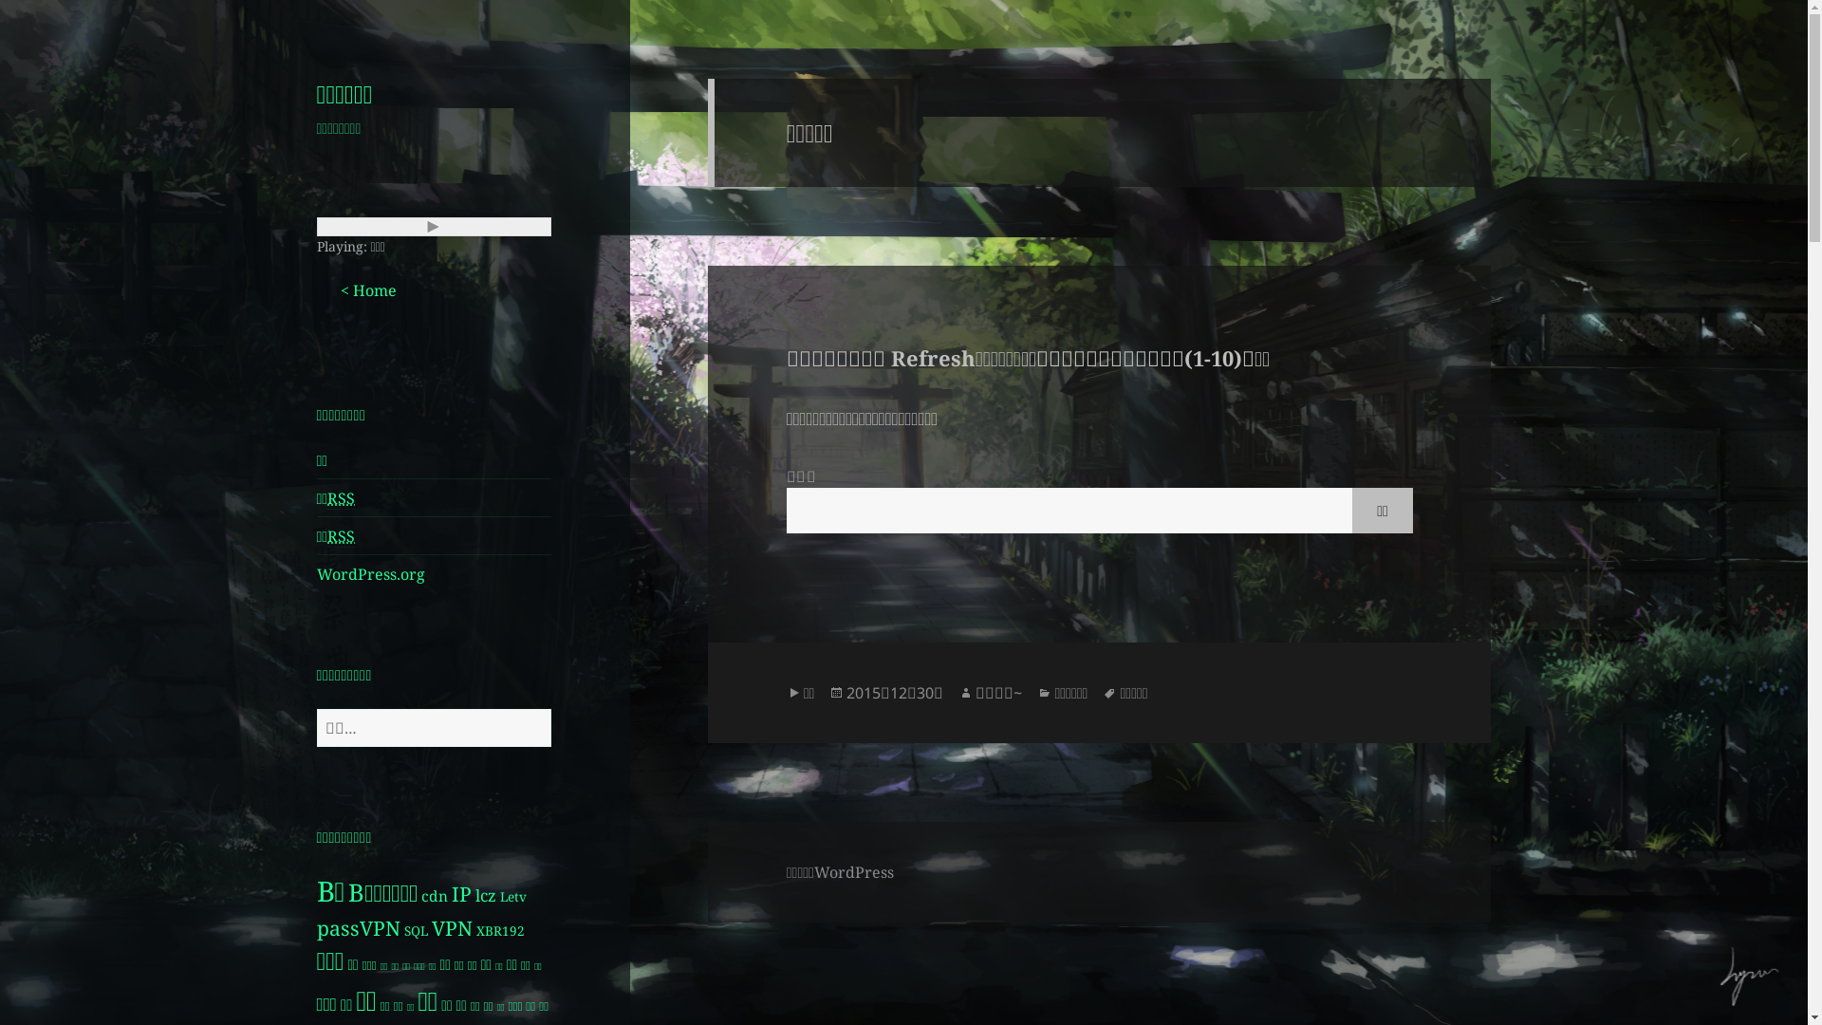 The height and width of the screenshot is (1025, 1822). What do you see at coordinates (451, 926) in the screenshot?
I see `'VPN'` at bounding box center [451, 926].